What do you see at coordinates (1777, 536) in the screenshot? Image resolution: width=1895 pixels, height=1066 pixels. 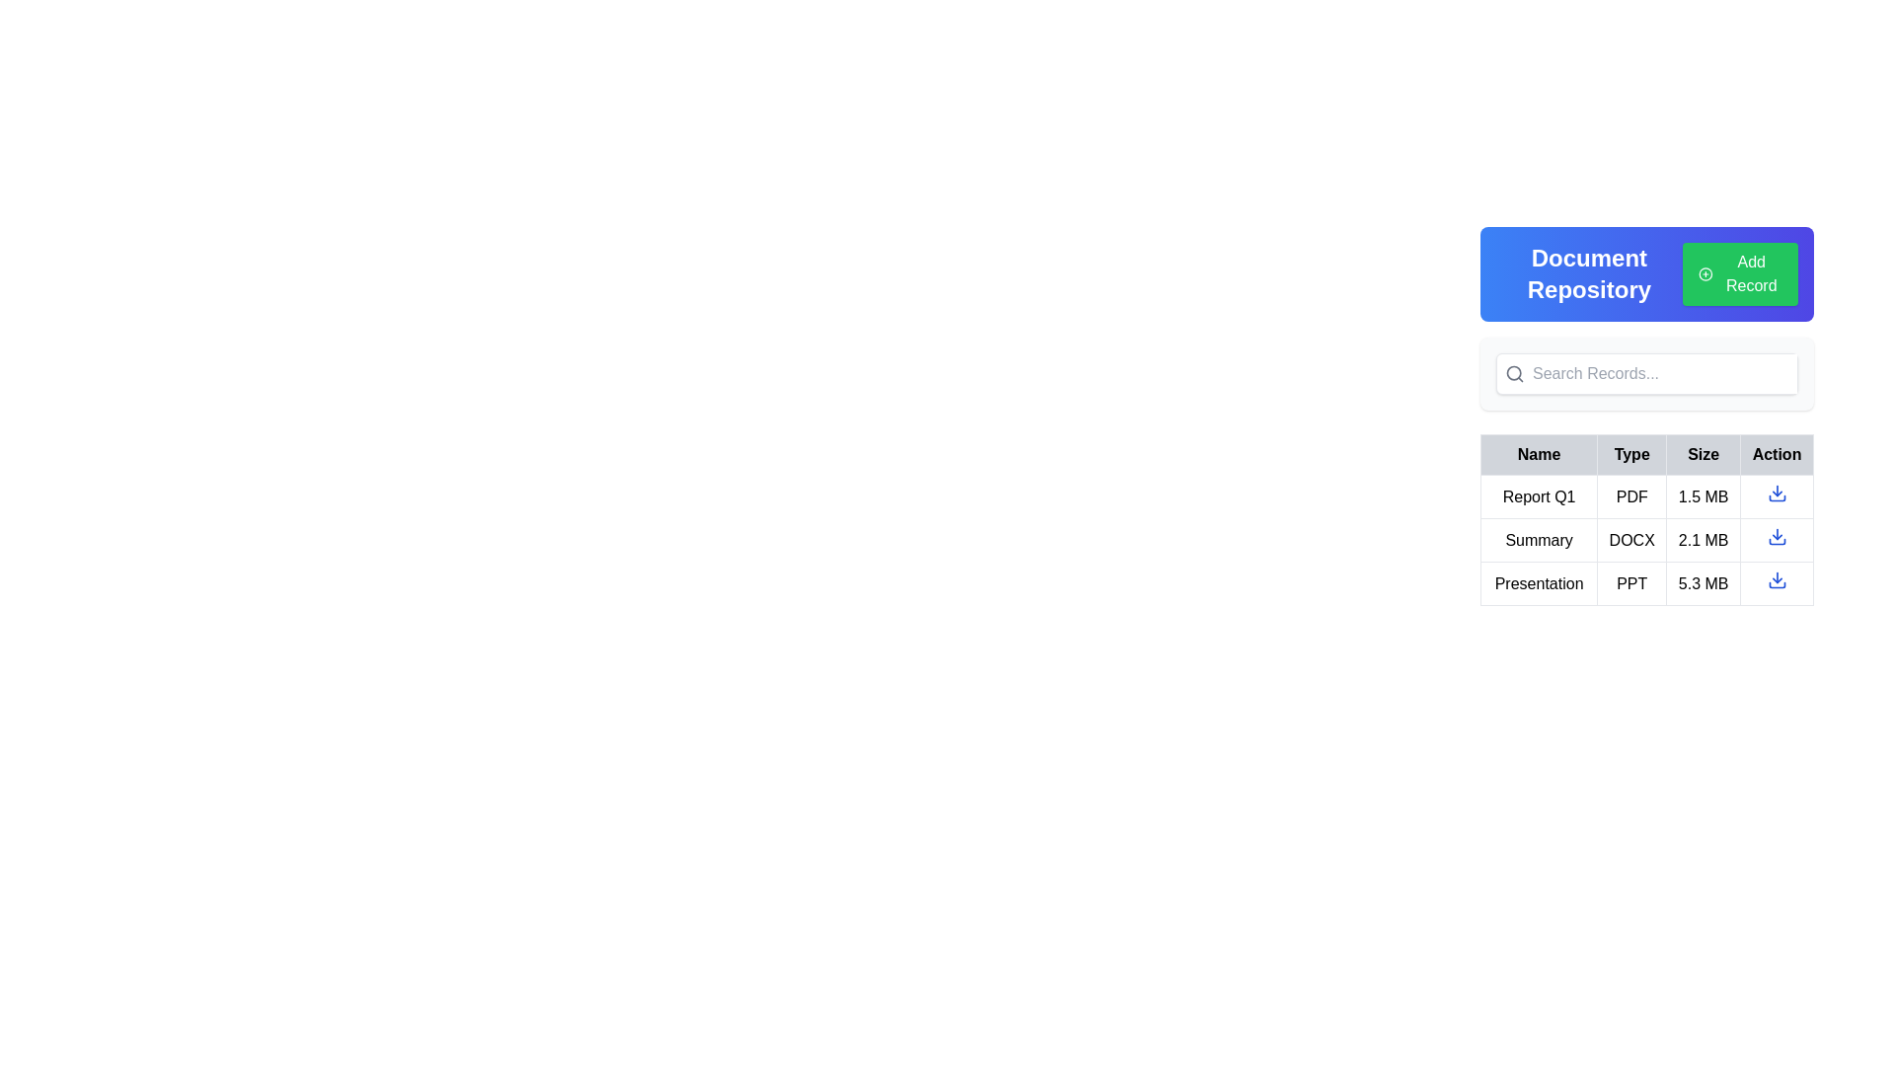 I see `the 'Summary' download button located in the 'Action' column of the second row in the file details table to initiate the download process` at bounding box center [1777, 536].